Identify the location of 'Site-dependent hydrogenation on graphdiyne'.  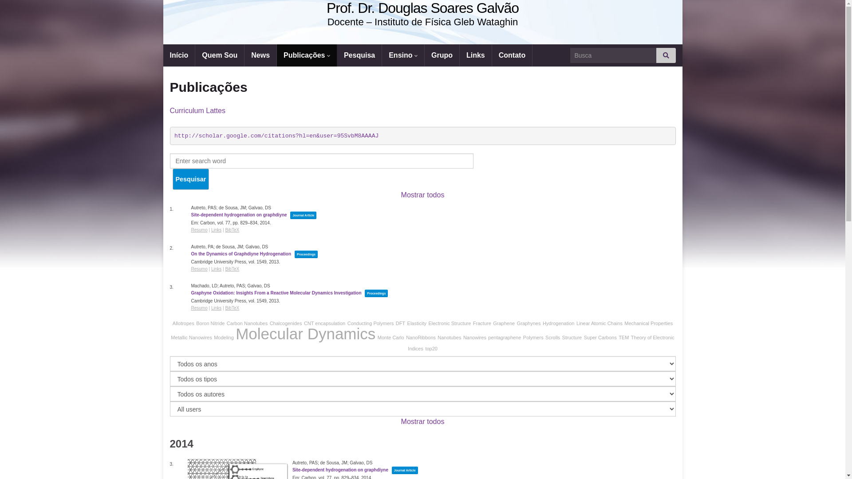
(238, 215).